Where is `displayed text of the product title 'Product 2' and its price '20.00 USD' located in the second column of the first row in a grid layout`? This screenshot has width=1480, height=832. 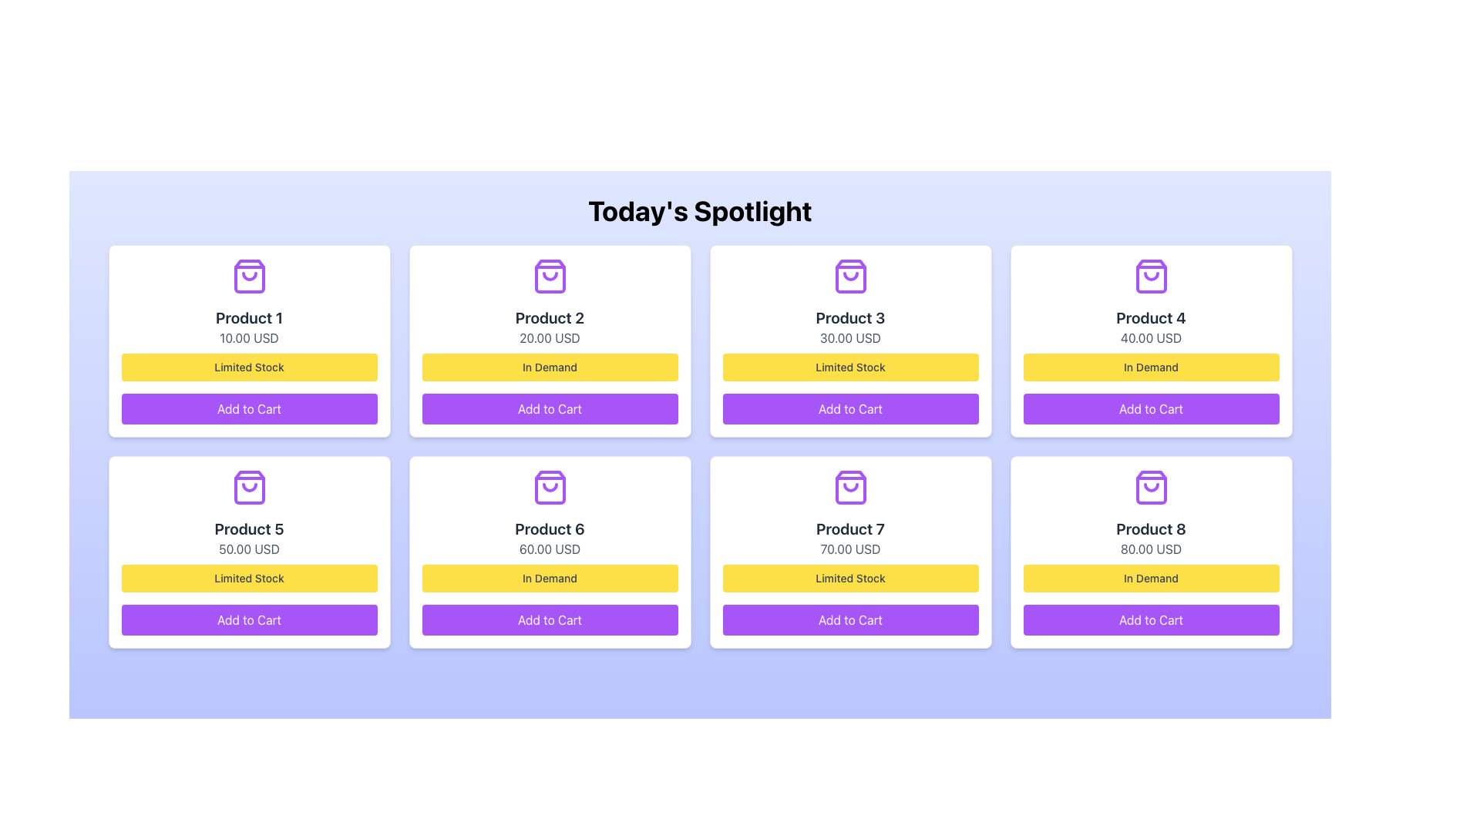
displayed text of the product title 'Product 2' and its price '20.00 USD' located in the second column of the first row in a grid layout is located at coordinates (550, 326).